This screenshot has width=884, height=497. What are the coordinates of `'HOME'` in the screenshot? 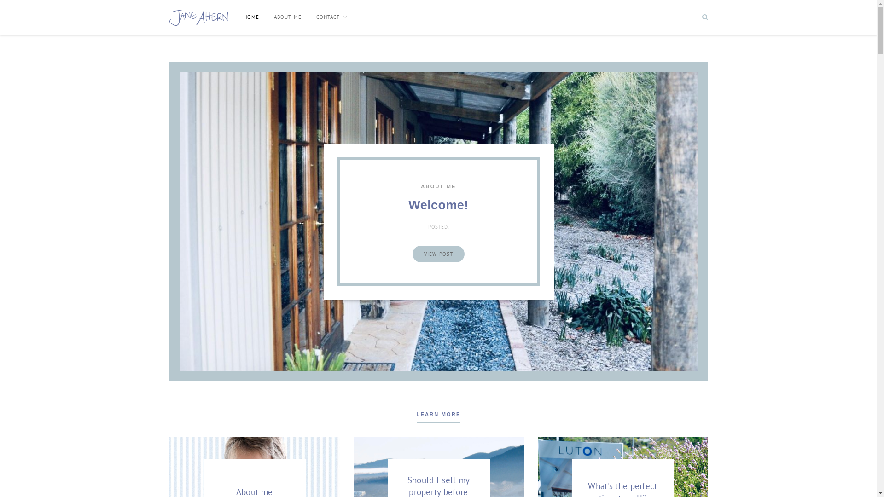 It's located at (251, 17).